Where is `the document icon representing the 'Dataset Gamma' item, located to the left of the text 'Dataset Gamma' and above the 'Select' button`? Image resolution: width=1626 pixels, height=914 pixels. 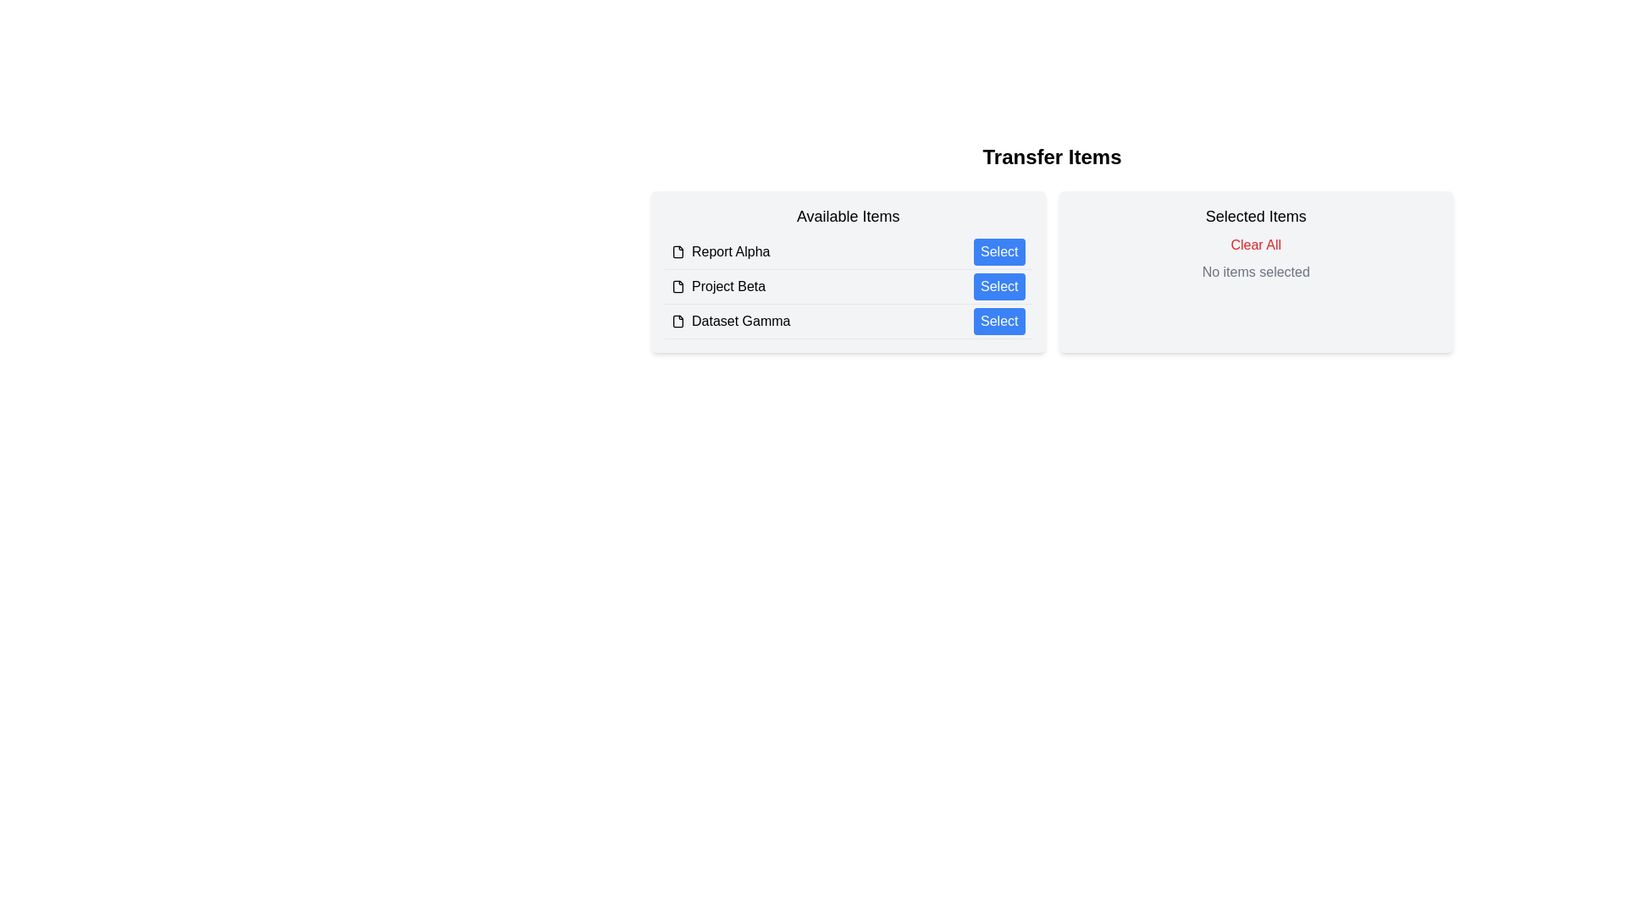 the document icon representing the 'Dataset Gamma' item, located to the left of the text 'Dataset Gamma' and above the 'Select' button is located at coordinates (678, 322).